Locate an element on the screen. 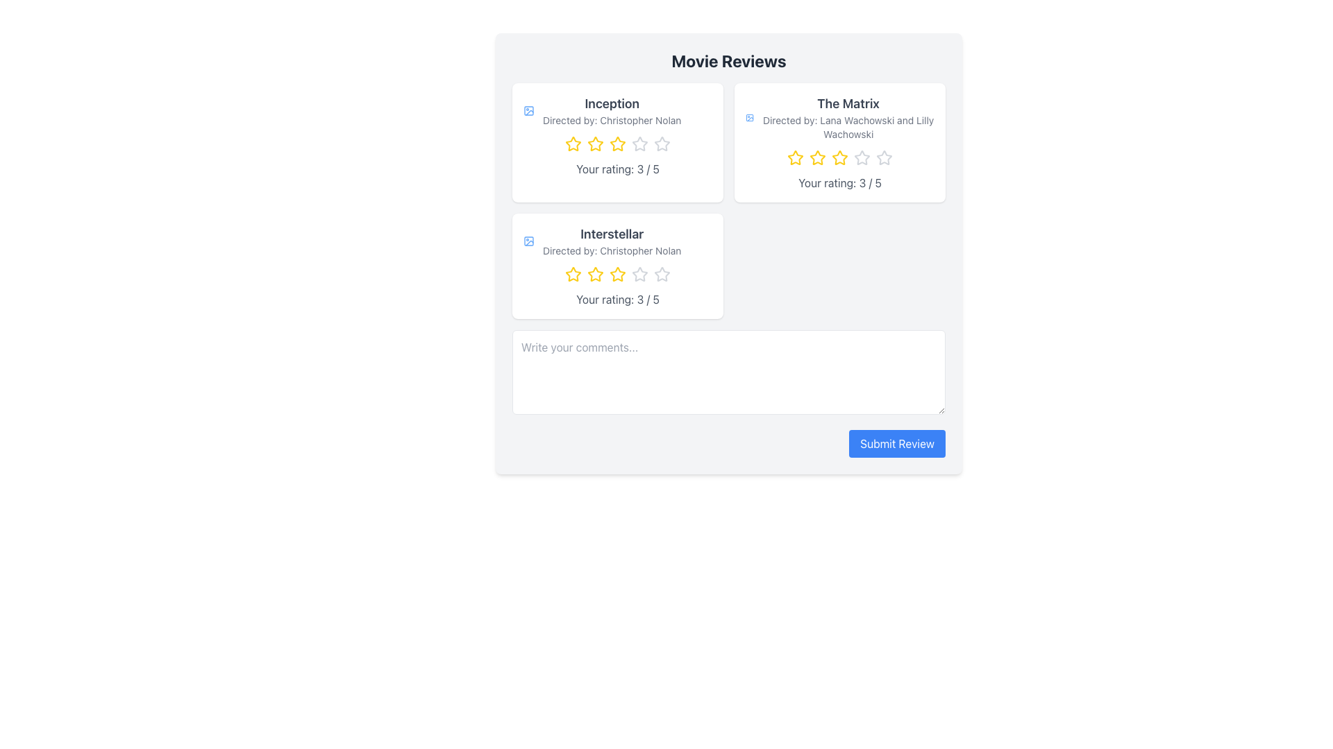  static text label displaying the user's current rating for the movie 'Inception', which is located below the star icons in the review card is located at coordinates (617, 168).